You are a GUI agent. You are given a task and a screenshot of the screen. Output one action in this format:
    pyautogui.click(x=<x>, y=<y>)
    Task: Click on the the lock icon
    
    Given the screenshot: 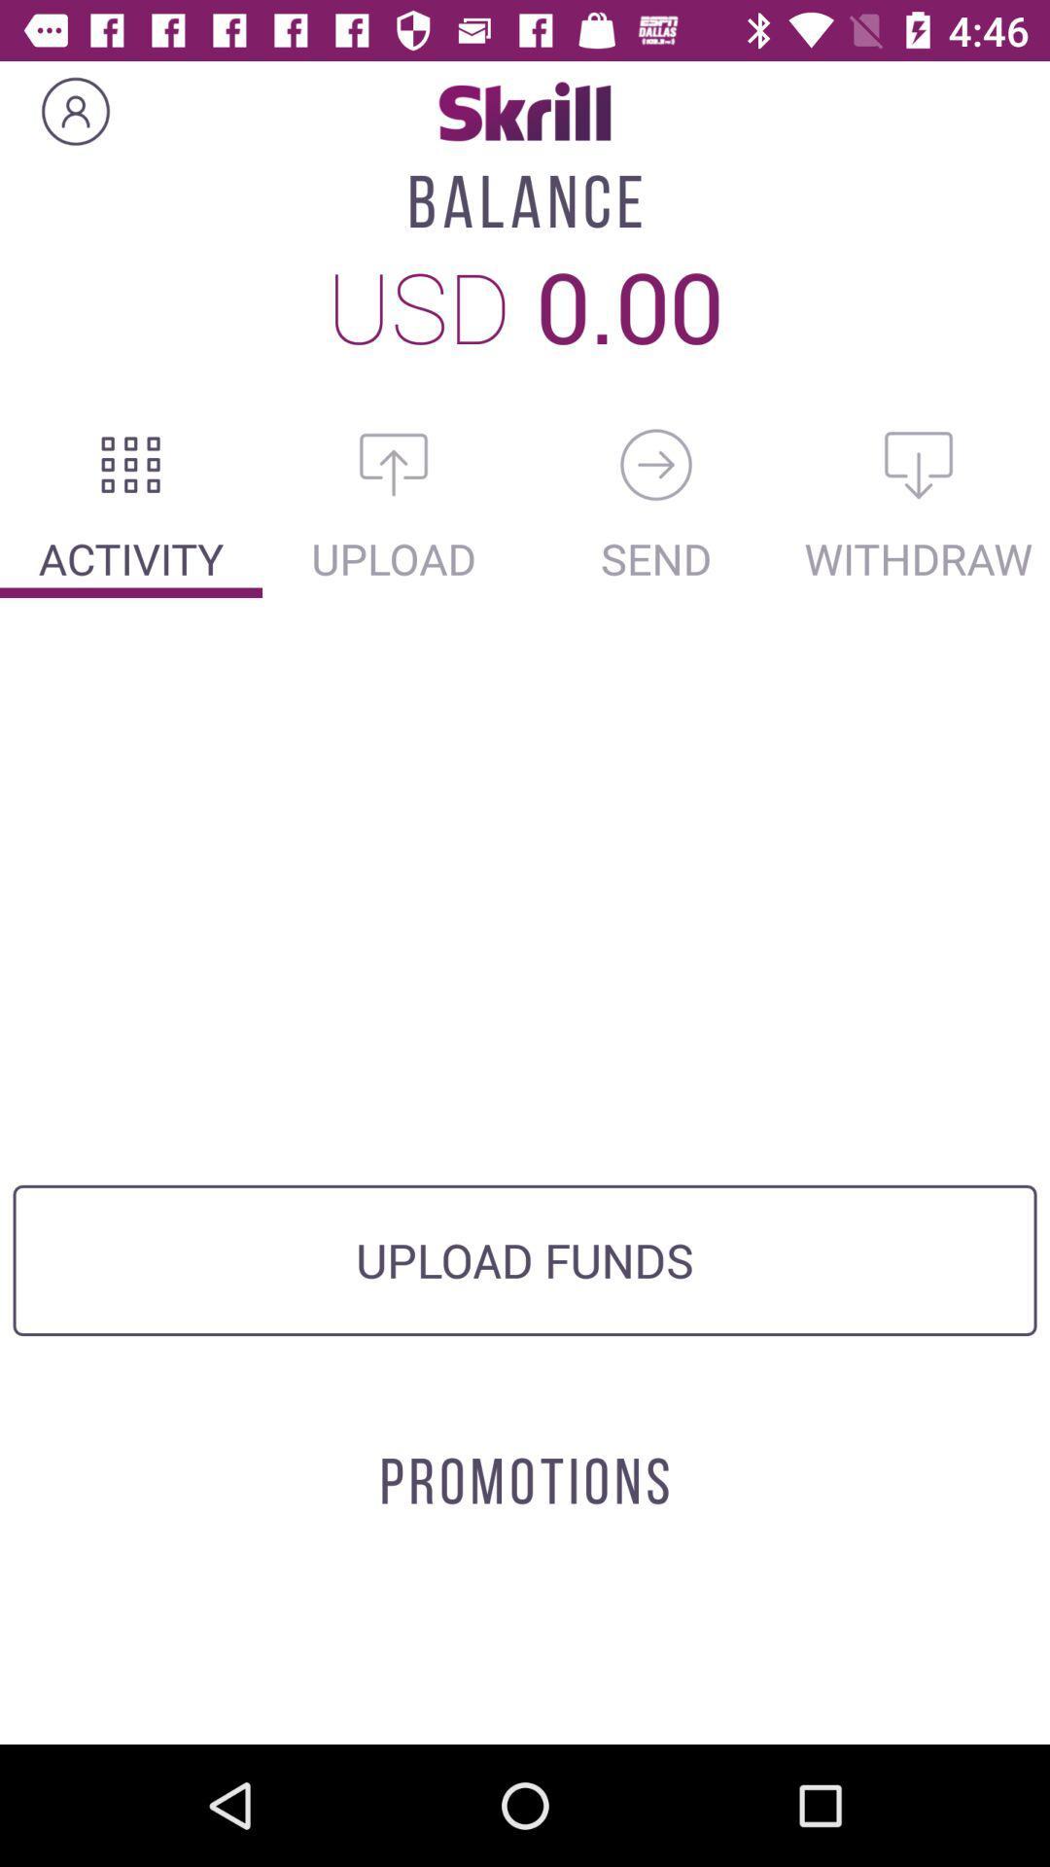 What is the action you would take?
    pyautogui.click(x=656, y=464)
    